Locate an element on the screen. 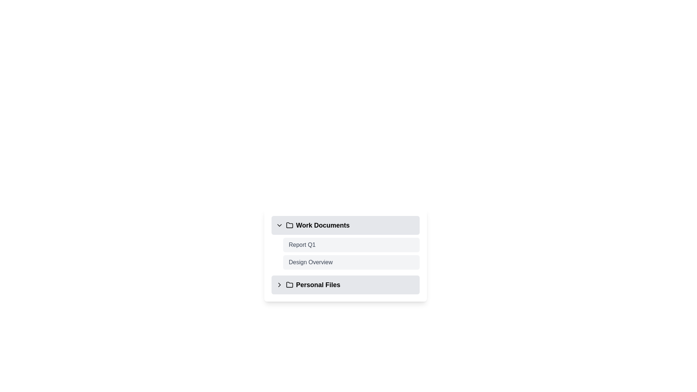 The image size is (697, 392). the 'Work Documents' button, which features a light gray background, a downward chevron, and a folder icon is located at coordinates (345, 225).